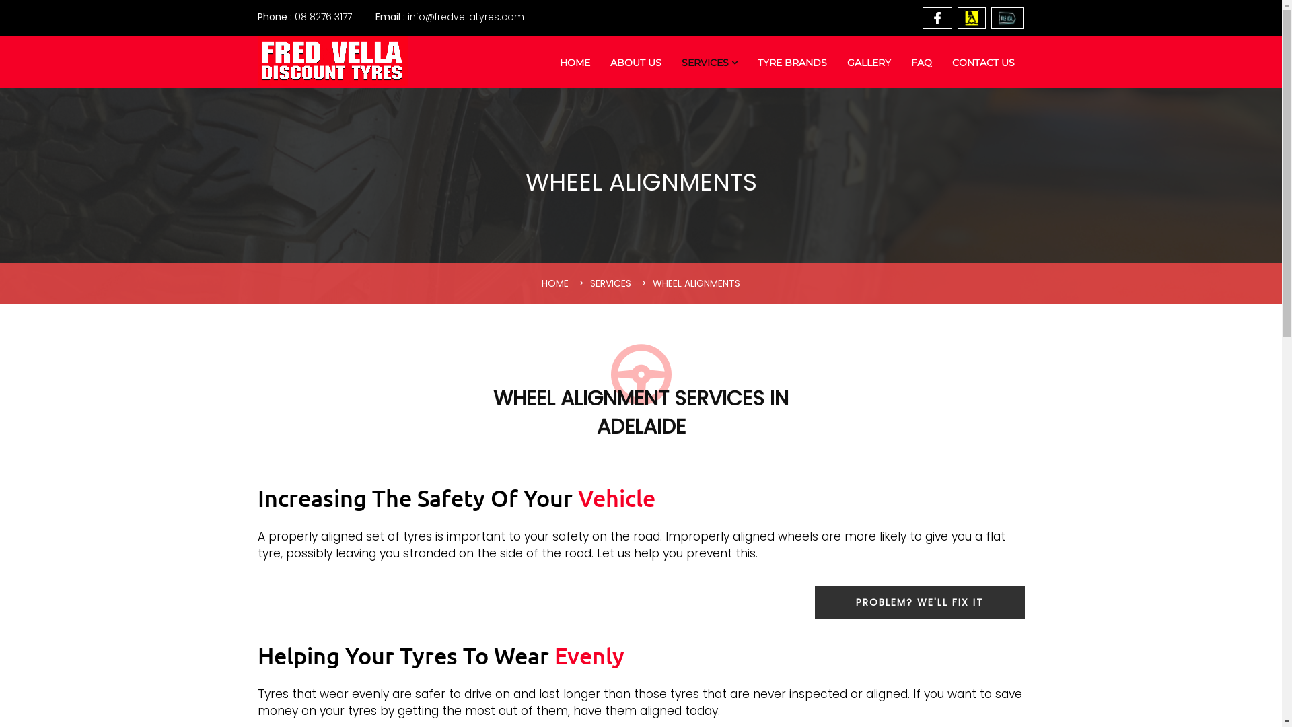 This screenshot has width=1292, height=727. Describe the element at coordinates (610, 282) in the screenshot. I see `'SERVICES'` at that location.